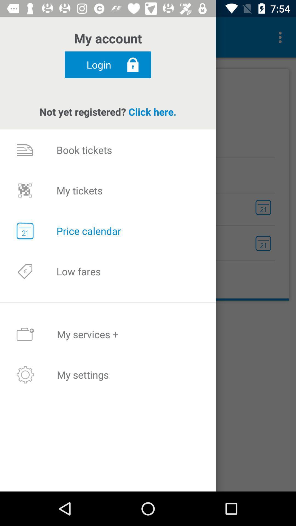  What do you see at coordinates (281, 37) in the screenshot?
I see `menu button` at bounding box center [281, 37].